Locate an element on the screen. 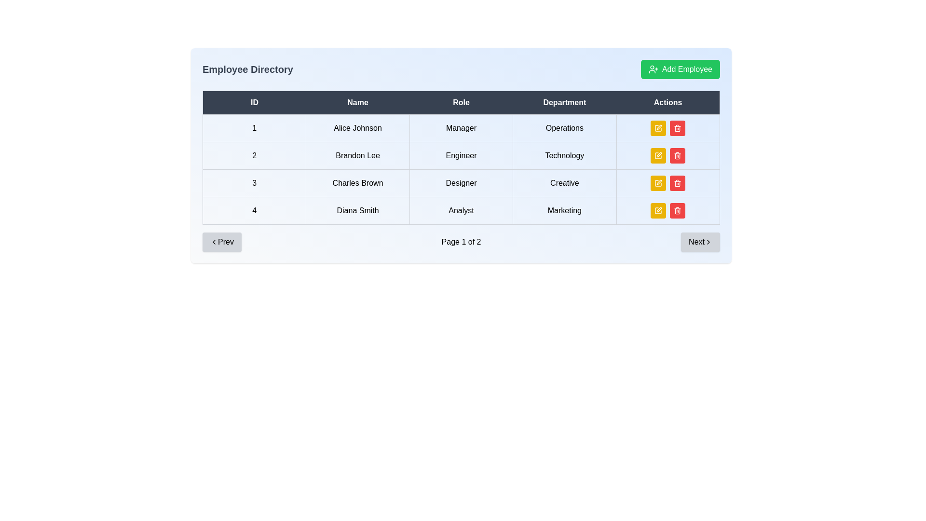  the table cell displaying 'Marketing' under the 'Department' column is located at coordinates (564, 210).